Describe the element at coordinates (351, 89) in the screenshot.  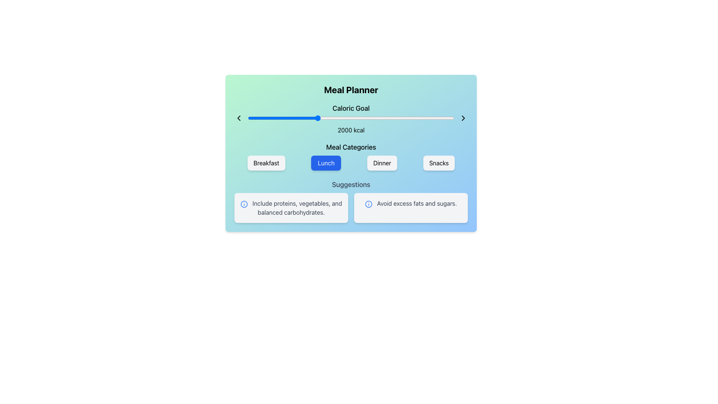
I see `the 'Meal Planner' text label, which is prominently displayed at the top of the interface in a bold and large font size, with black text on a gradient background transitioning from green to blue` at that location.